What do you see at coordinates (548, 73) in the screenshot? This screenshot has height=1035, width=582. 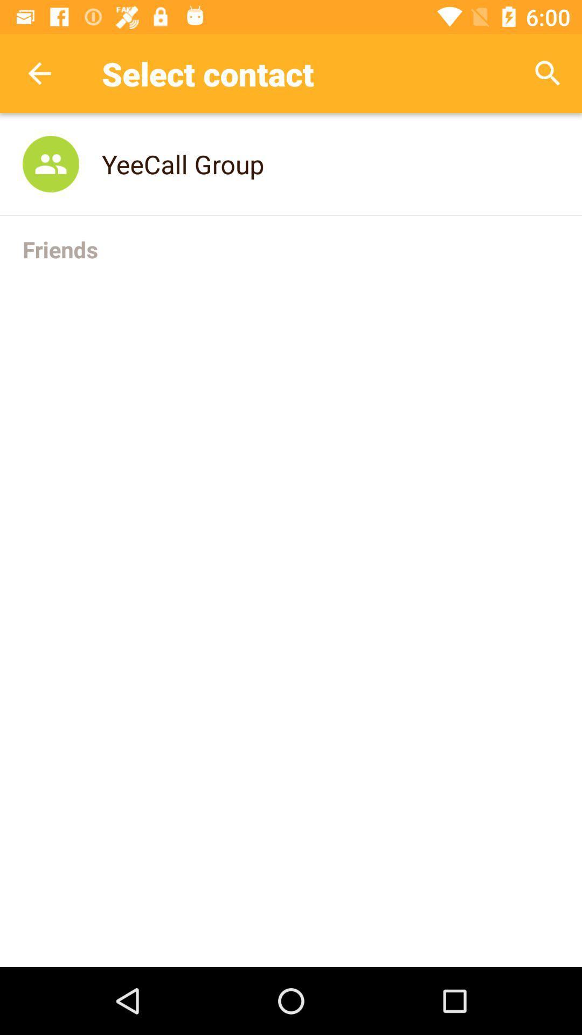 I see `the item above the yeecall group item` at bounding box center [548, 73].